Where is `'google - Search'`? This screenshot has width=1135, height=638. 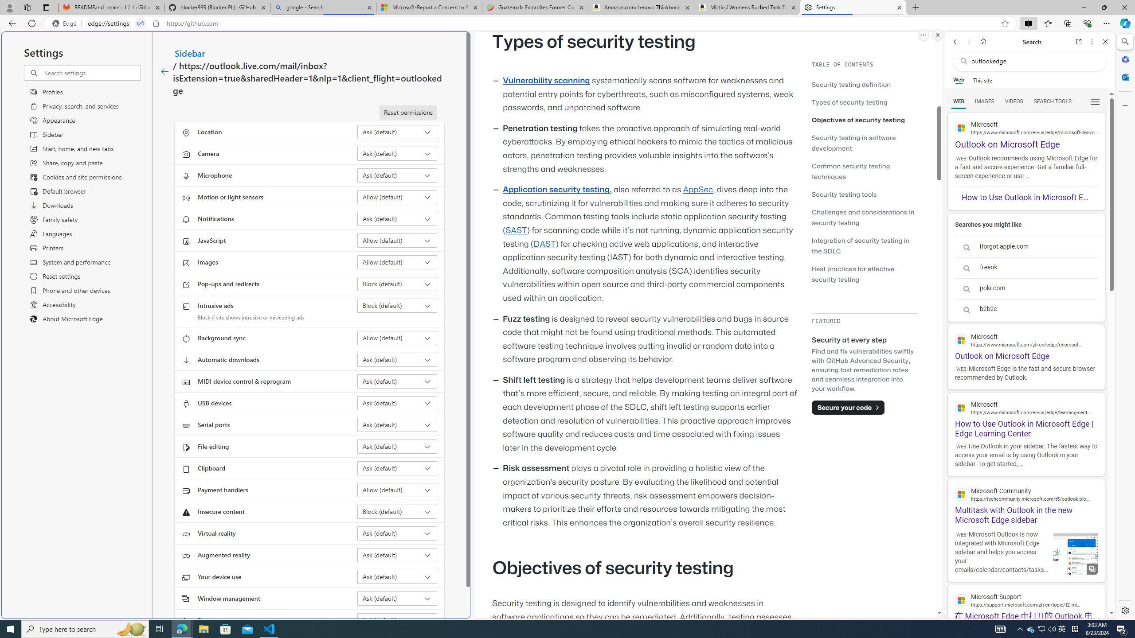 'google - Search' is located at coordinates (323, 7).